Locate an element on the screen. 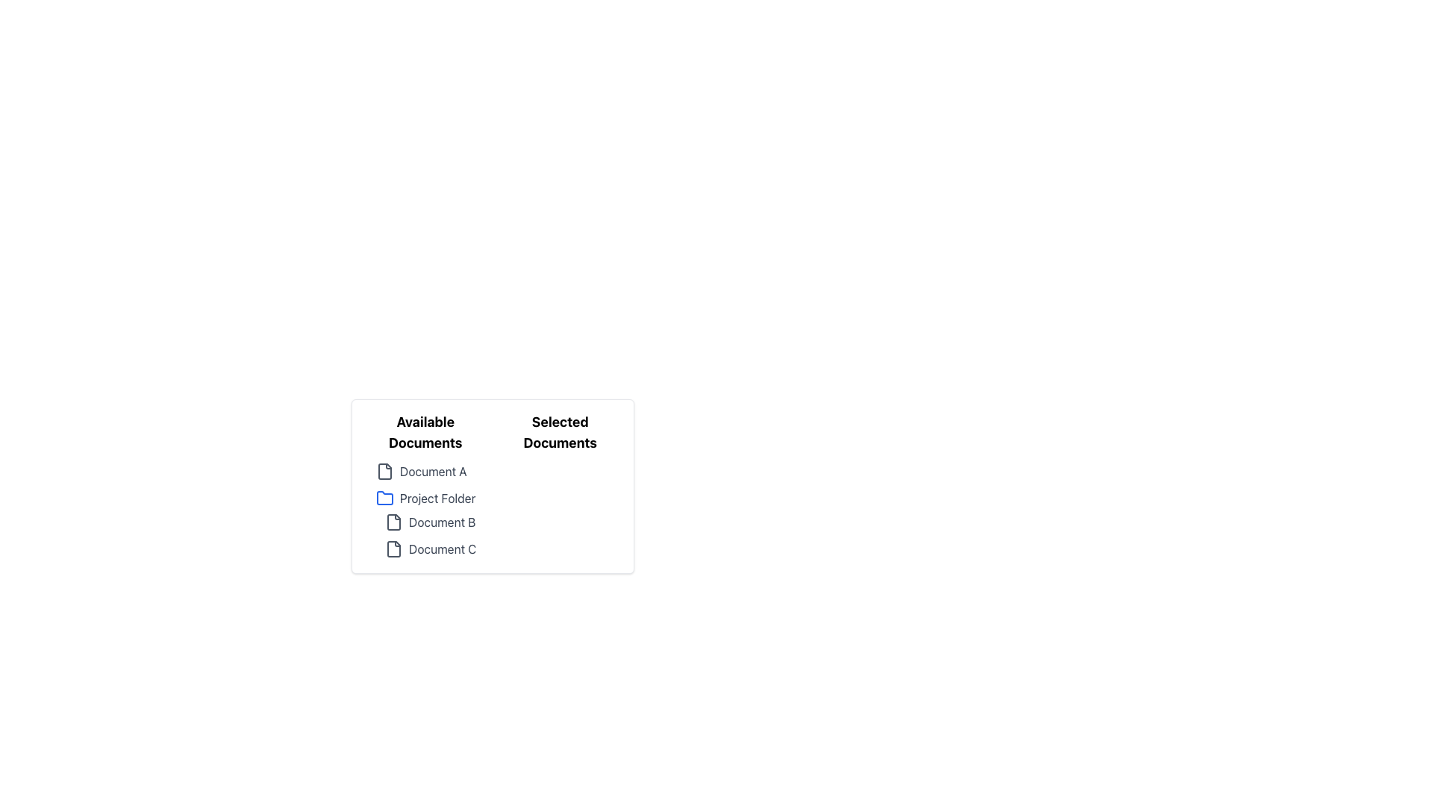  the decorative icon representing 'Document A' in the 'Available Documents' column is located at coordinates (384, 472).